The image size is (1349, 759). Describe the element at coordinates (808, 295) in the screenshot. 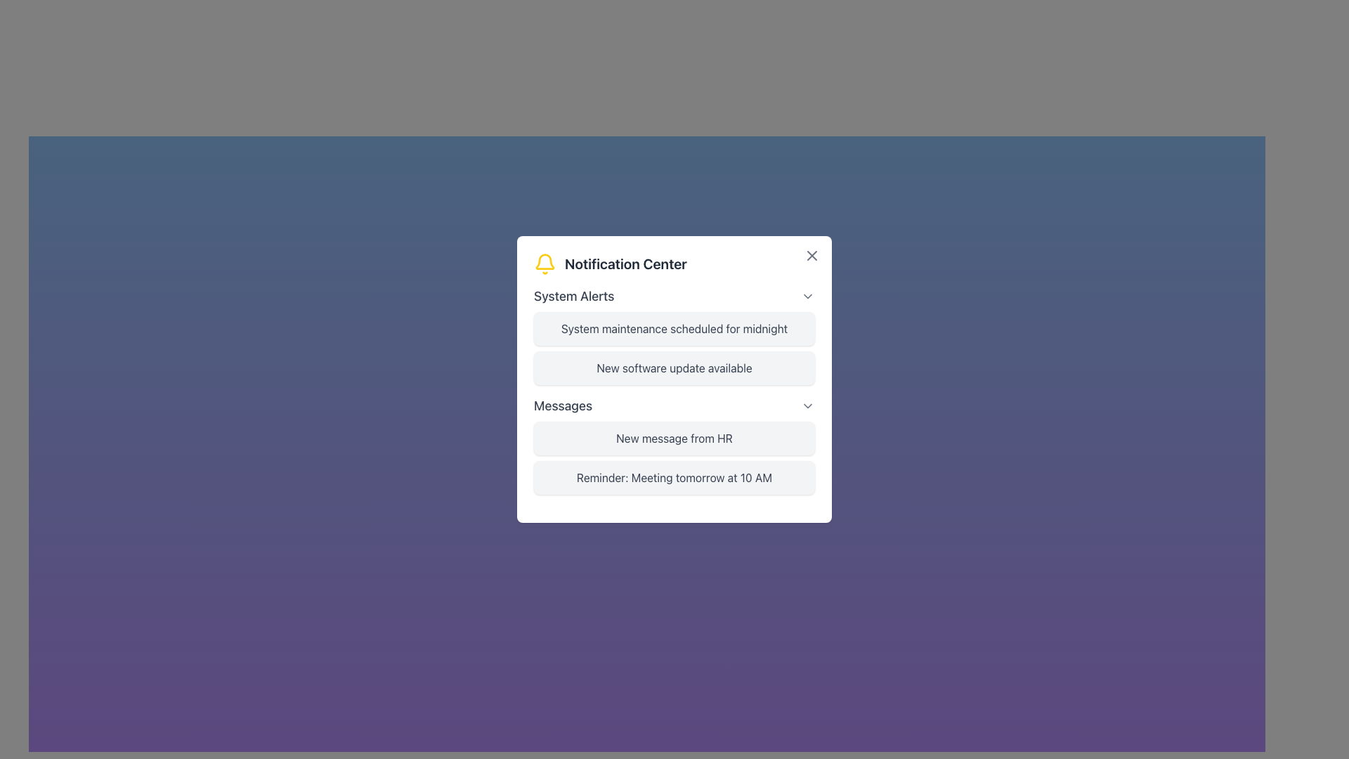

I see `the downward-pointing chevron arrow icon of the Dropdown Toggle Button located at the top-right corner of the 'System Alerts' section` at that location.